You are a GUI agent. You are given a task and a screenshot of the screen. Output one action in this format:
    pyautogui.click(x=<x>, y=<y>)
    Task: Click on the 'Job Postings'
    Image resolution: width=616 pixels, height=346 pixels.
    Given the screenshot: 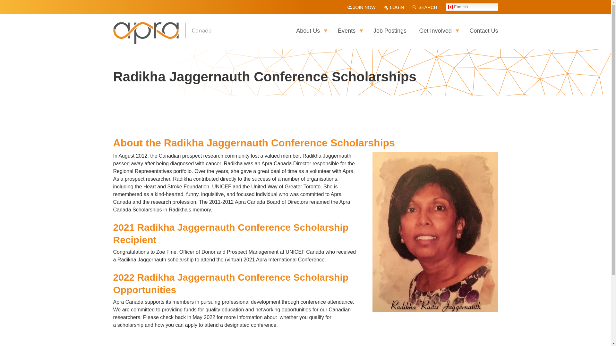 What is the action you would take?
    pyautogui.click(x=389, y=31)
    